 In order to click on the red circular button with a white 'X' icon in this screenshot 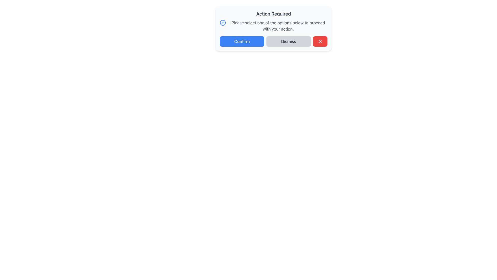, I will do `click(320, 41)`.